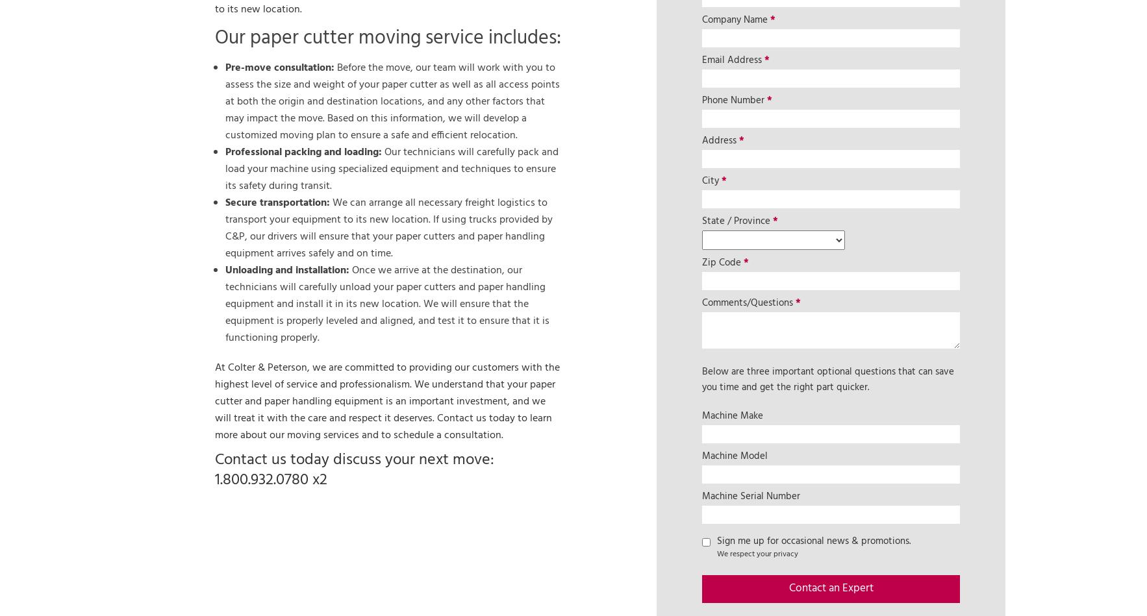 This screenshot has width=1147, height=616. I want to click on 'Below are three important optional questions that can save you time and get the right part quicker.', so click(827, 378).